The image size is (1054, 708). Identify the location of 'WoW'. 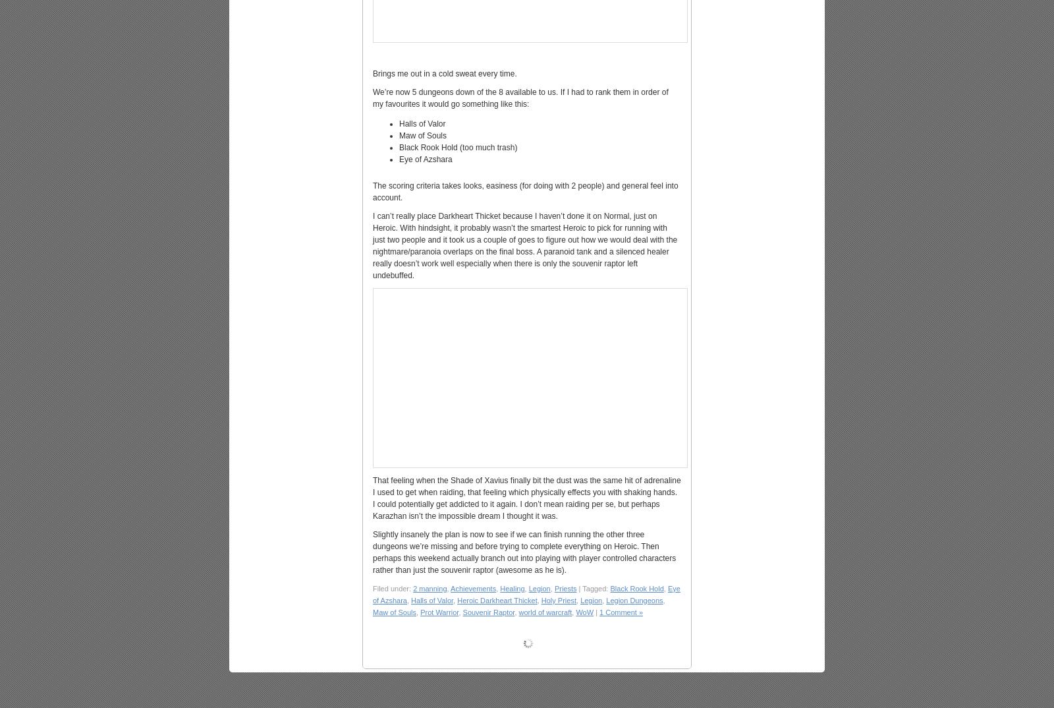
(584, 612).